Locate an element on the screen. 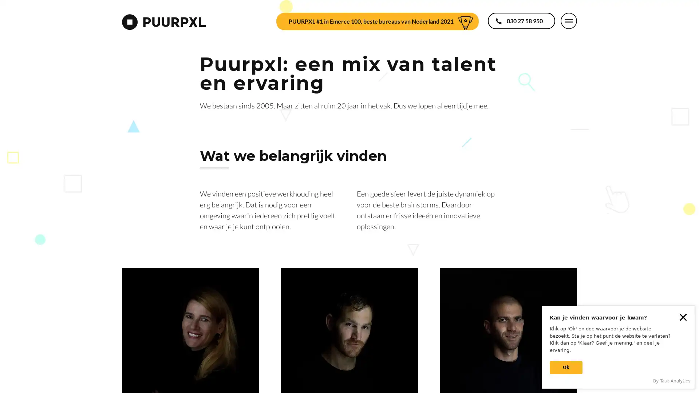 The image size is (699, 393). Ok is located at coordinates (566, 368).